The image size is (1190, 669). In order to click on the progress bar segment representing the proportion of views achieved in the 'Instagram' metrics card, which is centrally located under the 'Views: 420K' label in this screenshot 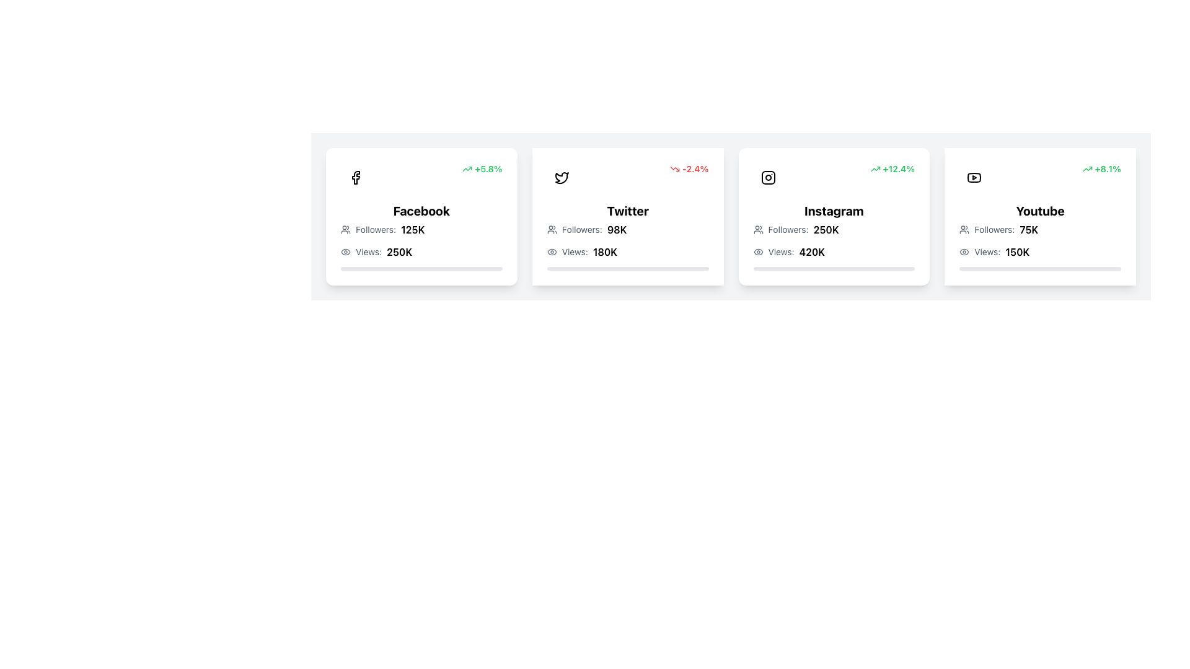, I will do `click(801, 268)`.